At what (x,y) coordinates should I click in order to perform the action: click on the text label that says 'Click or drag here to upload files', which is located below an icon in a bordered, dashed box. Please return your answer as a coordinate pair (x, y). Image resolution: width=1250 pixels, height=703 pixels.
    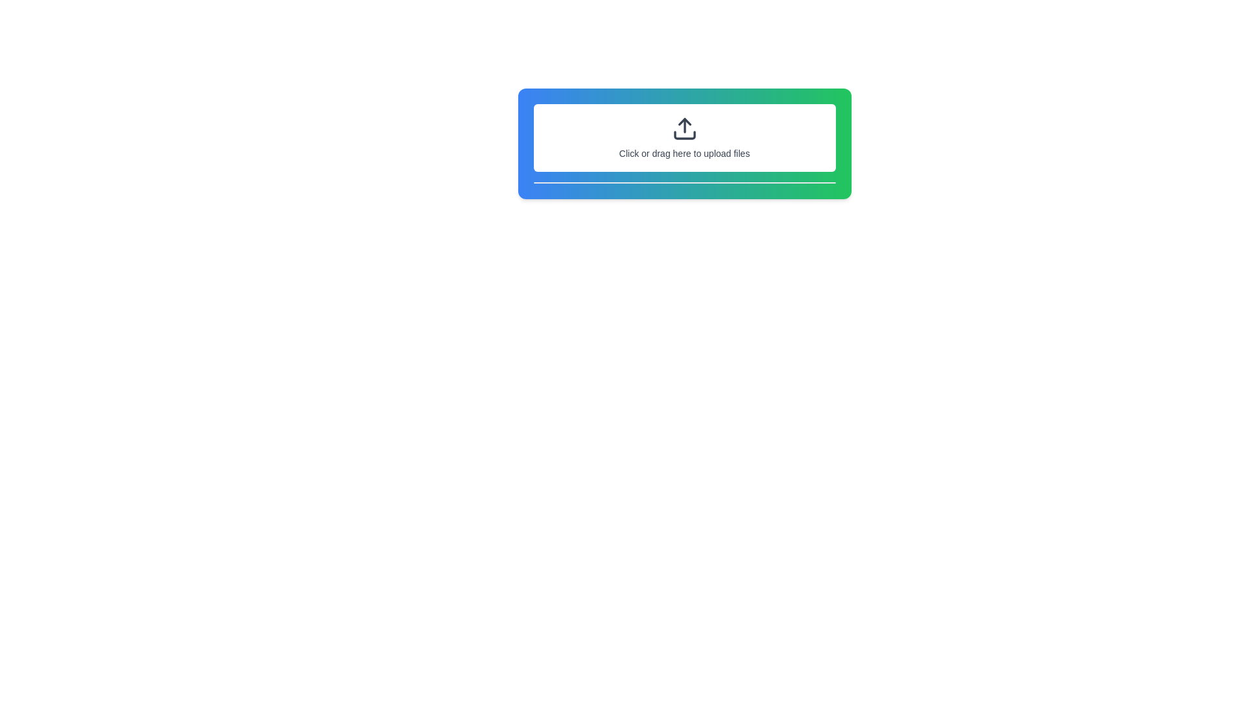
    Looking at the image, I should click on (684, 152).